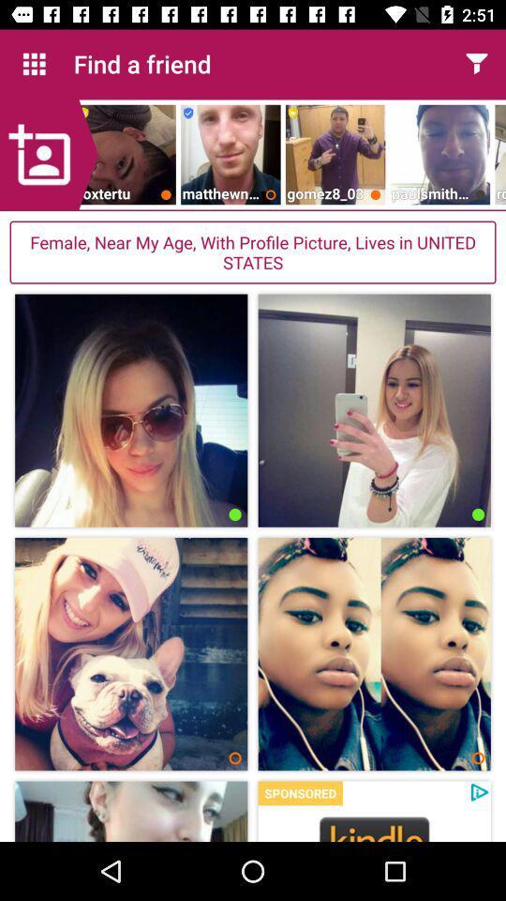 The width and height of the screenshot is (506, 901). I want to click on click sponsored profile, so click(374, 827).